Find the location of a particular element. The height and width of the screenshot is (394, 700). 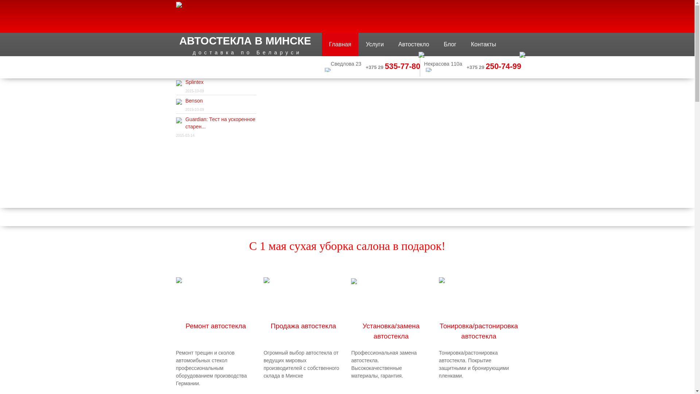

'Splintex' is located at coordinates (185, 82).